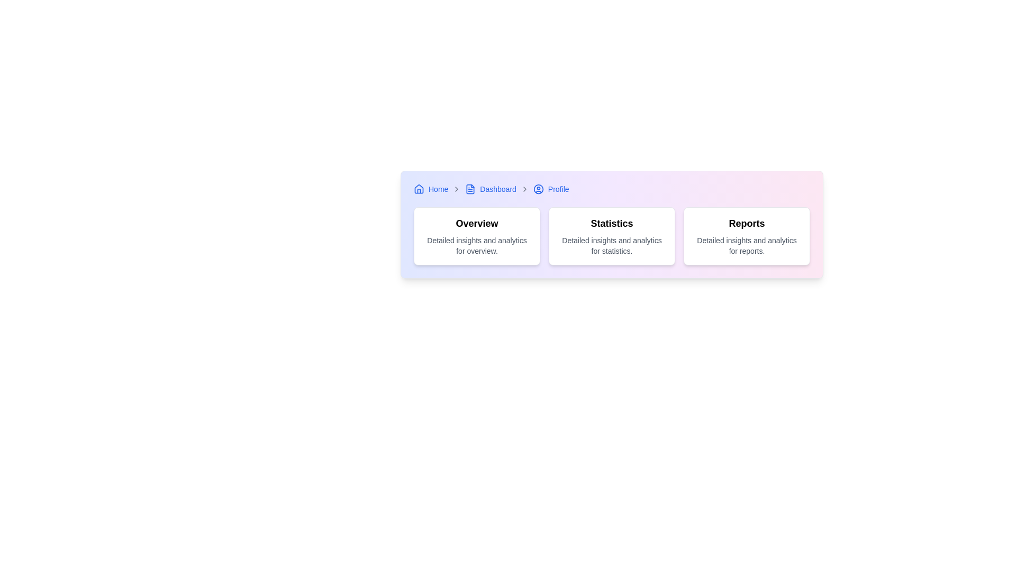  I want to click on the static text element displaying 'Reports', which is styled as a bold heading and positioned at the top of the rightmost card in a row of three cards, so click(746, 223).